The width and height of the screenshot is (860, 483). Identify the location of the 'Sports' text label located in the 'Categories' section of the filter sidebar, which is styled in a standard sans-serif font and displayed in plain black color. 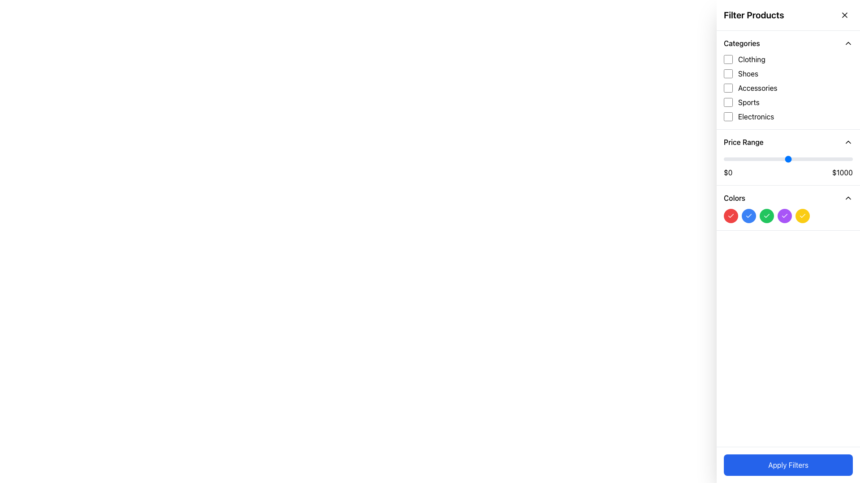
(748, 102).